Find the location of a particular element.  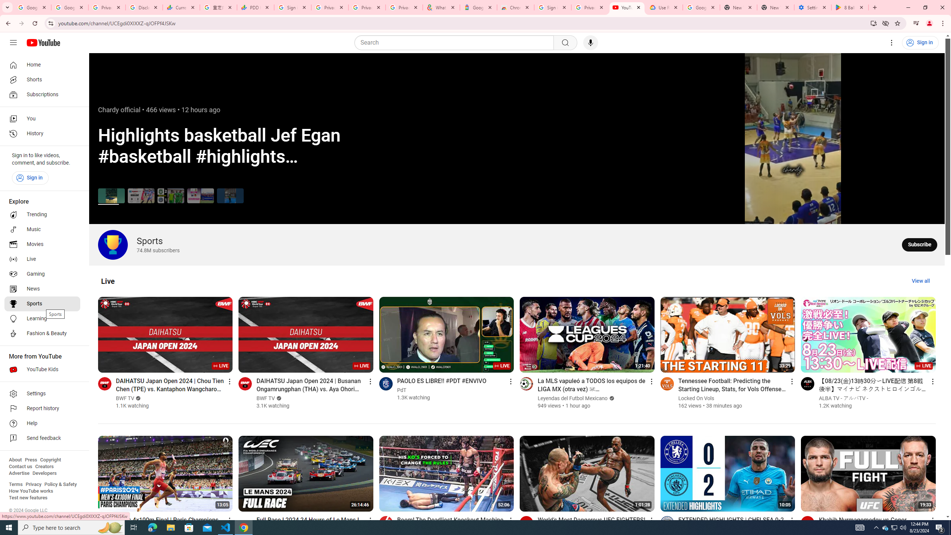

'History' is located at coordinates (42, 134).